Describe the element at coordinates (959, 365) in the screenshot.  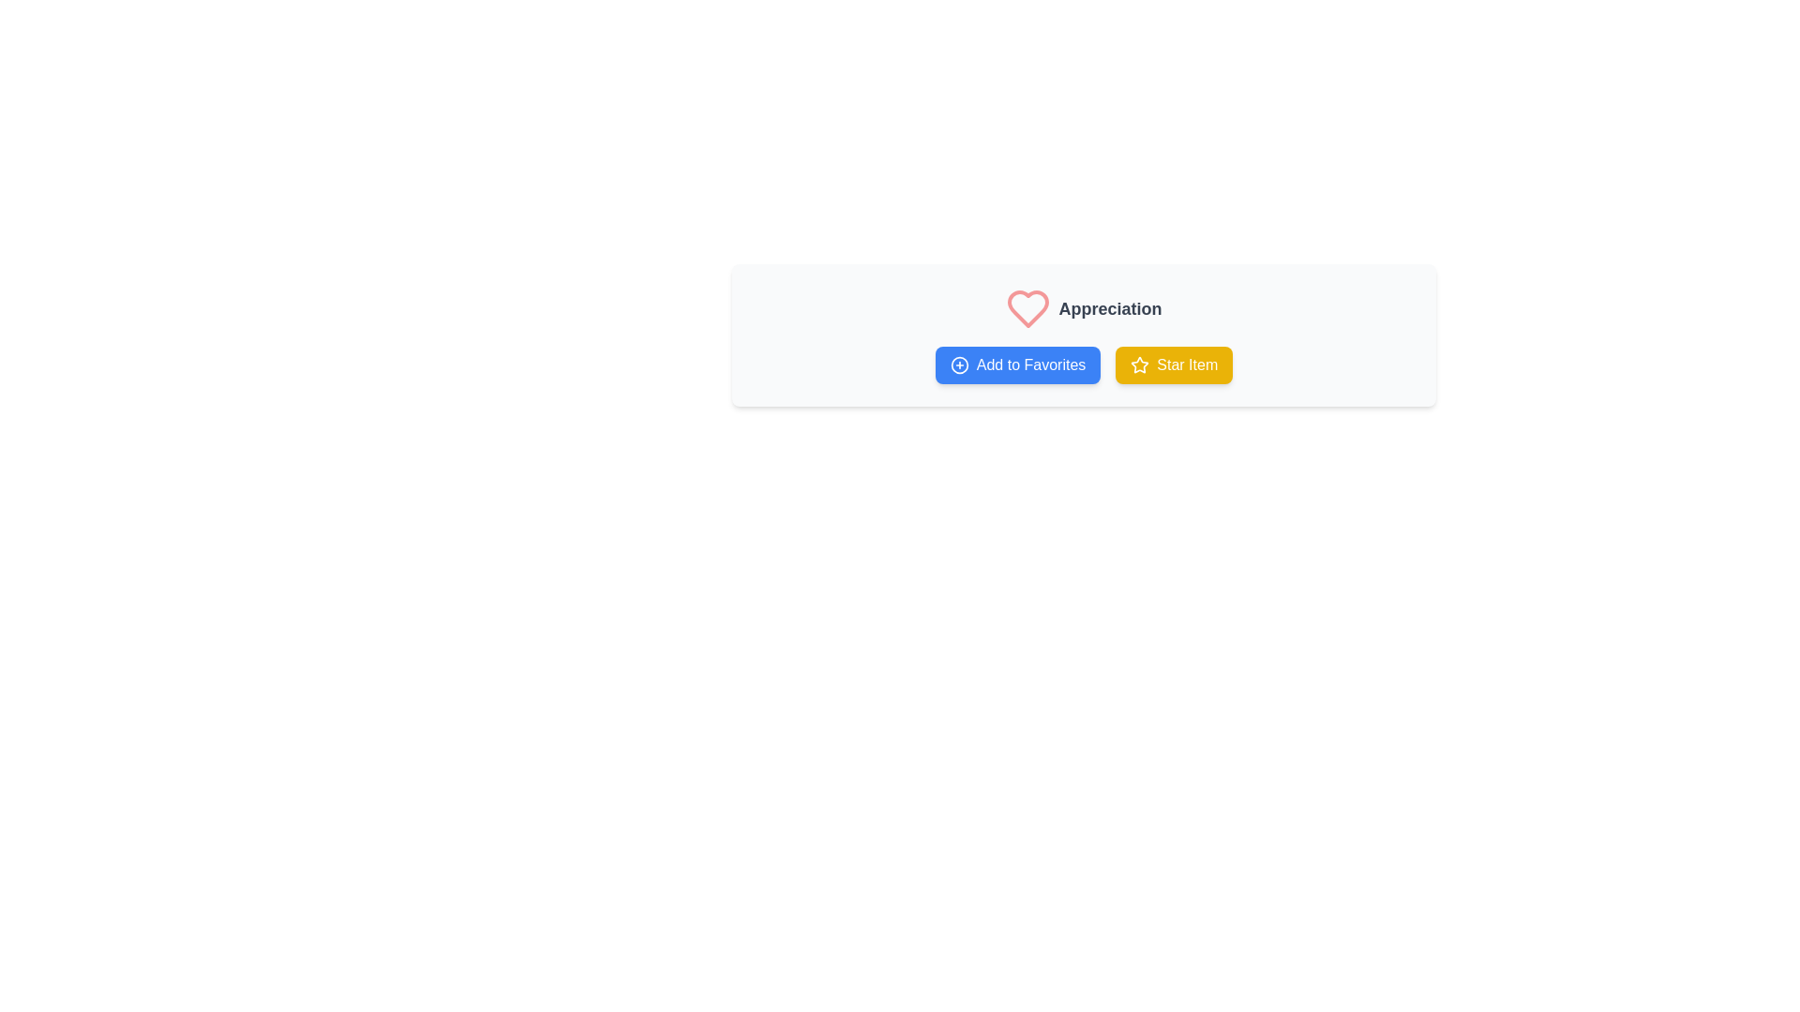
I see `the icon to the left of the 'Add to Favorites' button, which symbolizes addition or inclusion` at that location.